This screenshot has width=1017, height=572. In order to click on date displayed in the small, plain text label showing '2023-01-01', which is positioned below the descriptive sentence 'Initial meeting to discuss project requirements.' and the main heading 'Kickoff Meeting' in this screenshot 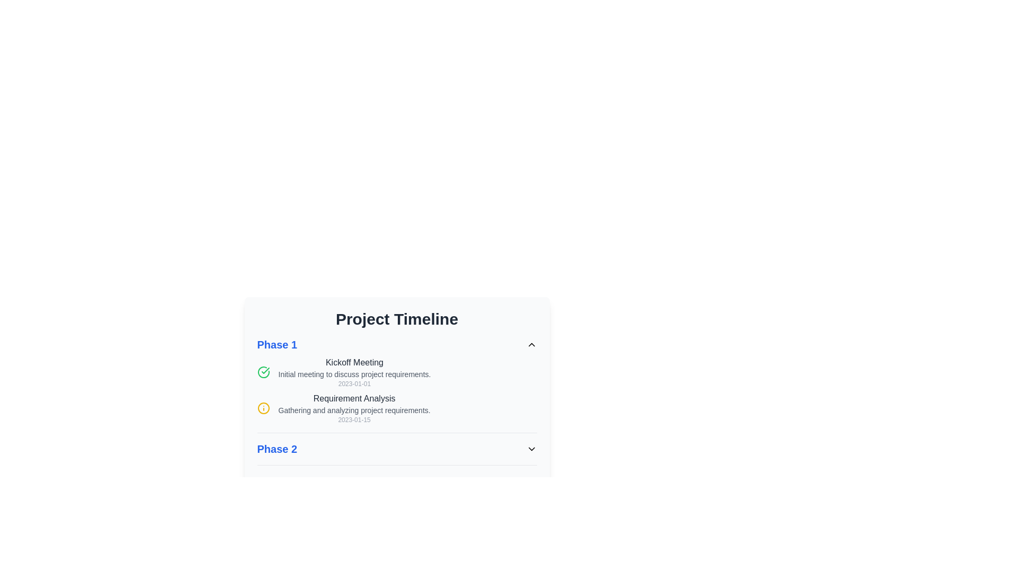, I will do `click(354, 384)`.